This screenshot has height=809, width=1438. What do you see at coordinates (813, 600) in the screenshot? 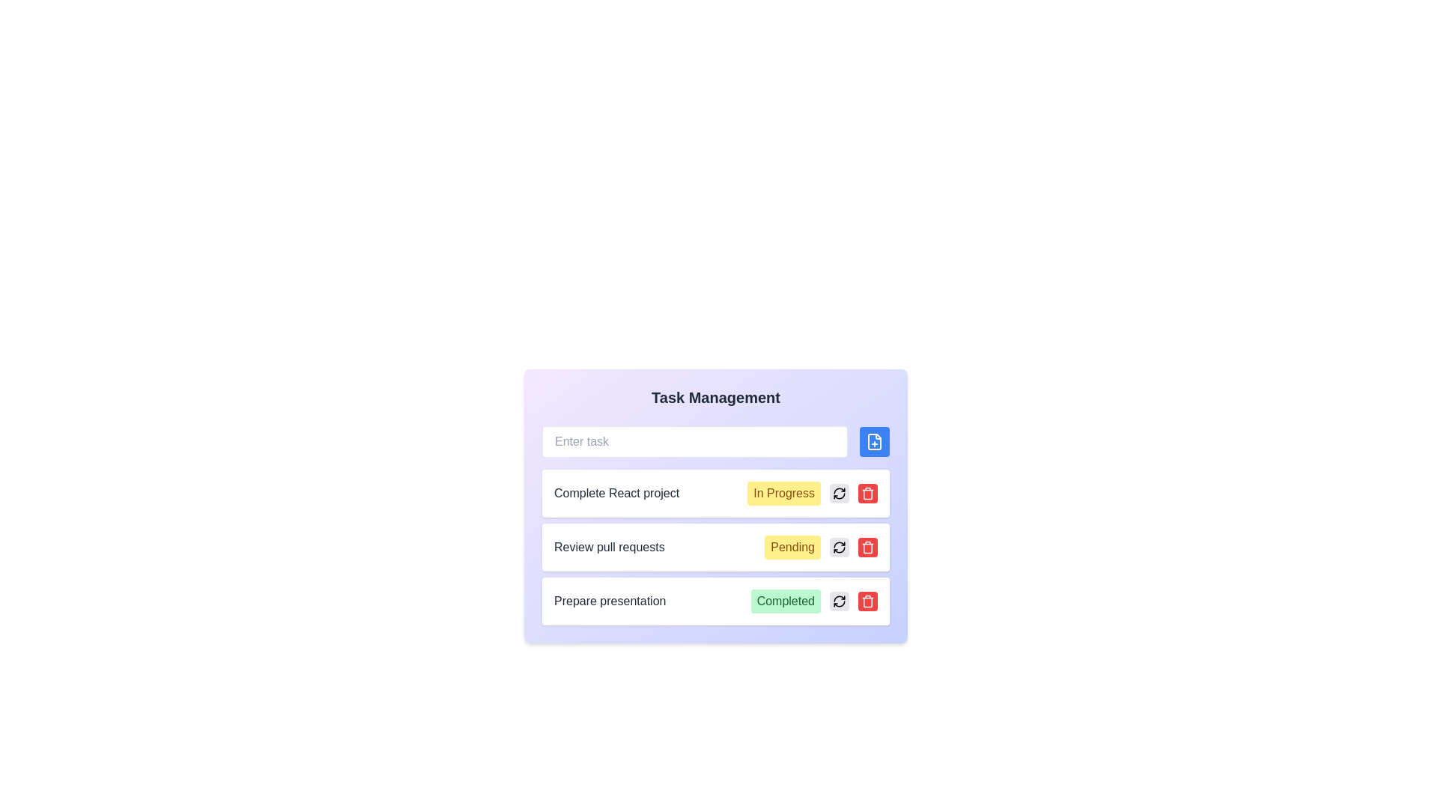
I see `the completion status label that indicates the task 'Prepare presentation', located on the right side of its row, to the left of the gray refresh button and red trash button` at bounding box center [813, 600].